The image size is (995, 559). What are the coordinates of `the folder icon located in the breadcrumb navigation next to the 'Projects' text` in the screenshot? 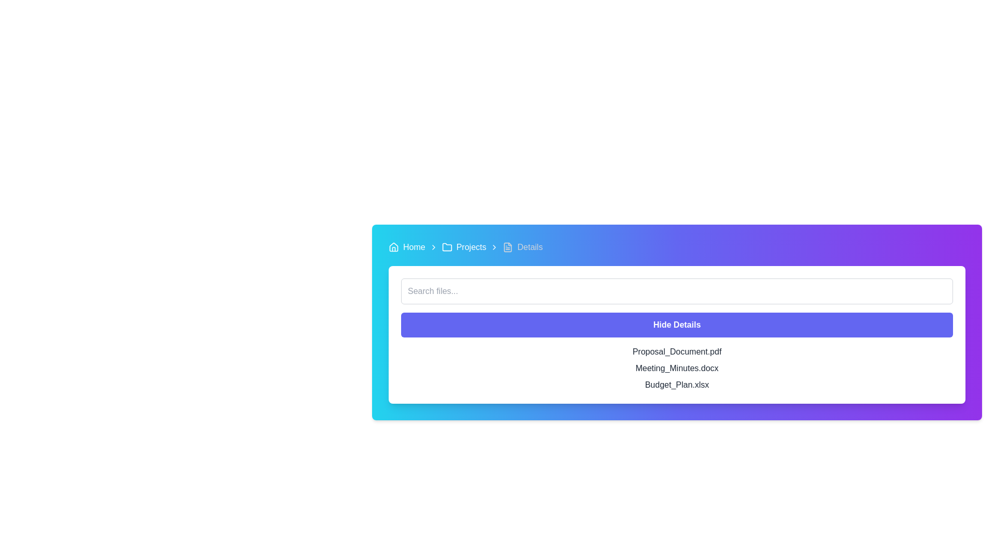 It's located at (447, 247).